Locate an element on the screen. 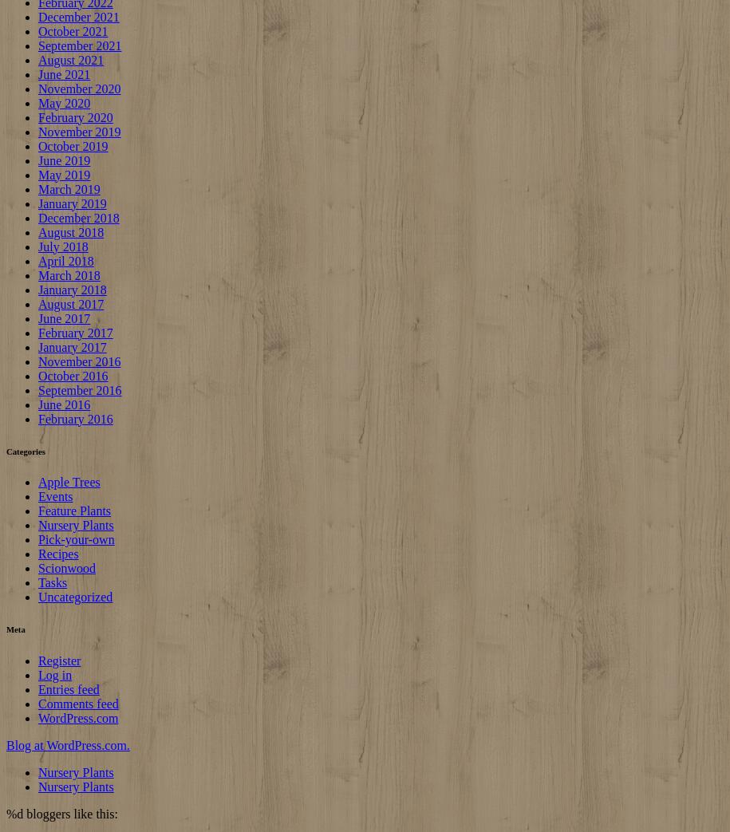 This screenshot has height=832, width=730. 'August 2018' is located at coordinates (70, 231).